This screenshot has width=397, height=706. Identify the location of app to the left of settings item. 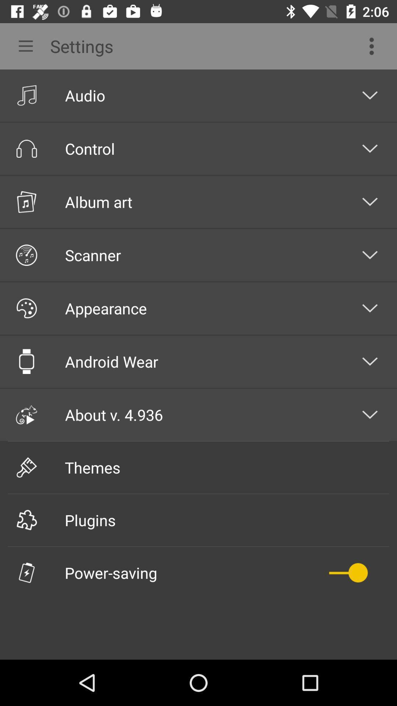
(22, 46).